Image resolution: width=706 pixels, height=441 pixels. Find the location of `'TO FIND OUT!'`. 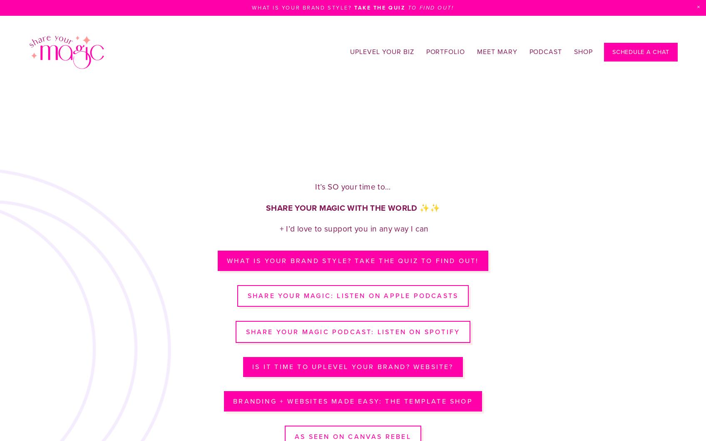

'TO FIND OUT!' is located at coordinates (430, 7).